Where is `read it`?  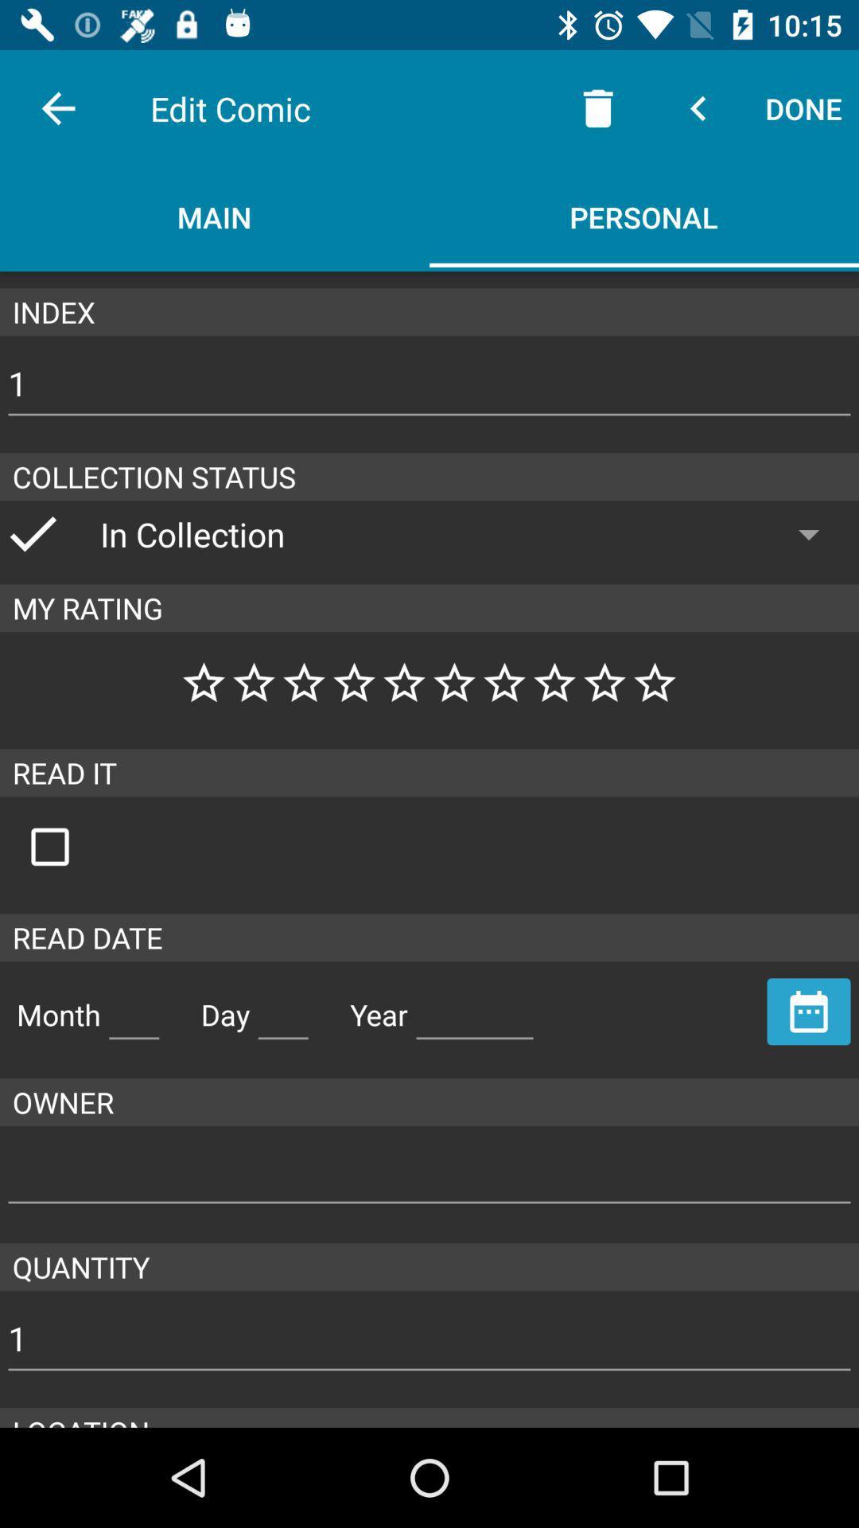 read it is located at coordinates (66, 846).